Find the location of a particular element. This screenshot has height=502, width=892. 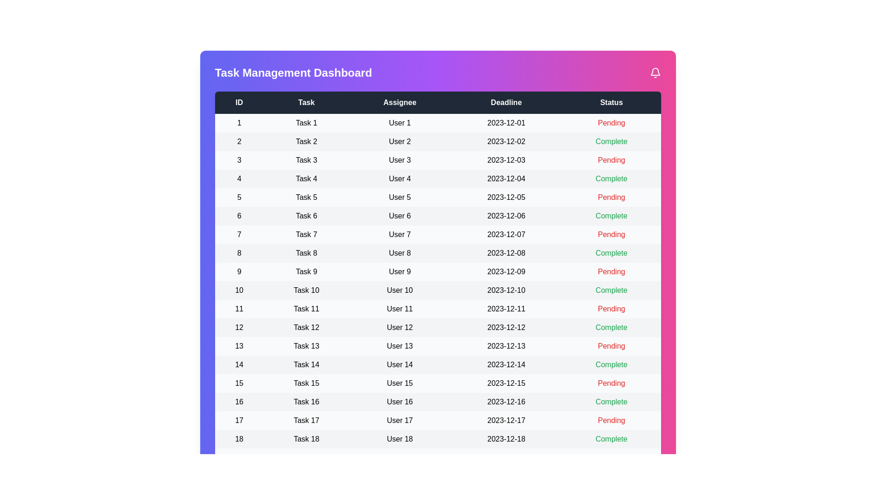

the column header labeled 'Status' to sort the table by that column is located at coordinates (611, 102).